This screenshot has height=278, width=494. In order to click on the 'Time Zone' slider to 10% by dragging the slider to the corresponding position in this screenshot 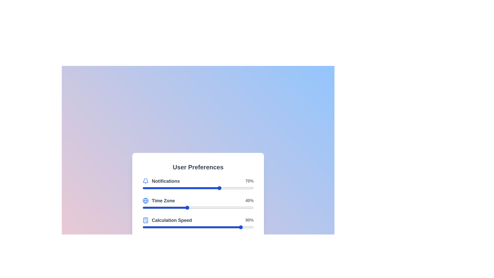, I will do `click(153, 207)`.